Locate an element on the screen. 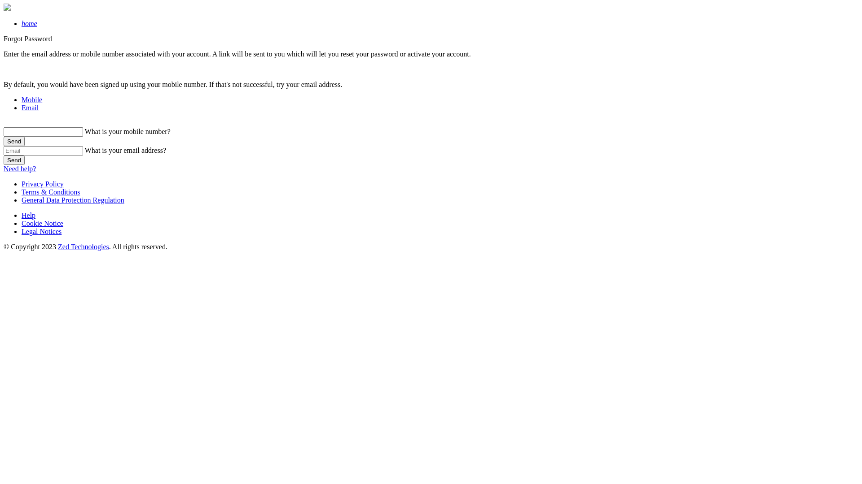  'Privacy Policy' is located at coordinates (42, 183).